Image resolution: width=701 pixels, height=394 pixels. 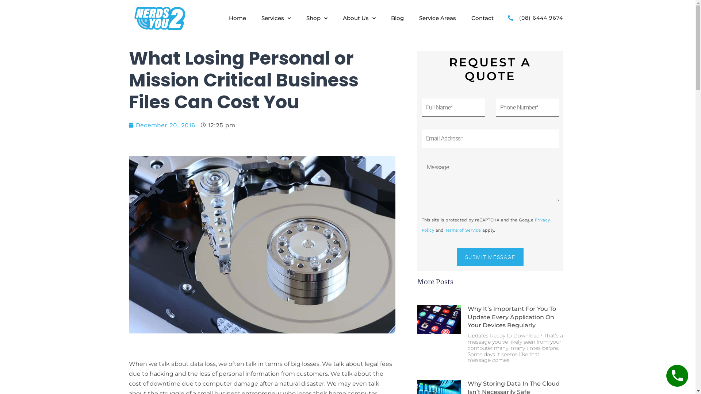 I want to click on 'Home', so click(x=229, y=18).